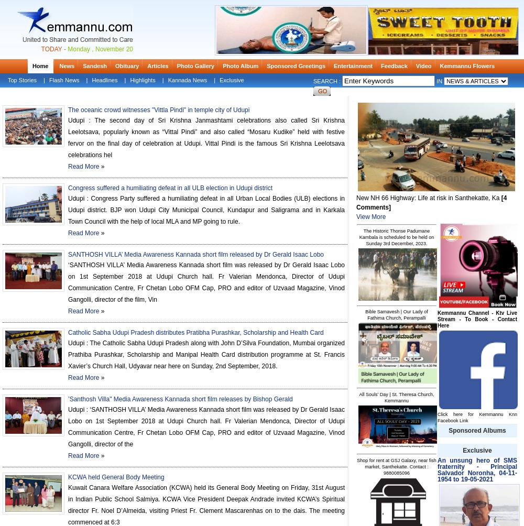 Image resolution: width=524 pixels, height=526 pixels. What do you see at coordinates (95, 66) in the screenshot?
I see `'Sandesh'` at bounding box center [95, 66].